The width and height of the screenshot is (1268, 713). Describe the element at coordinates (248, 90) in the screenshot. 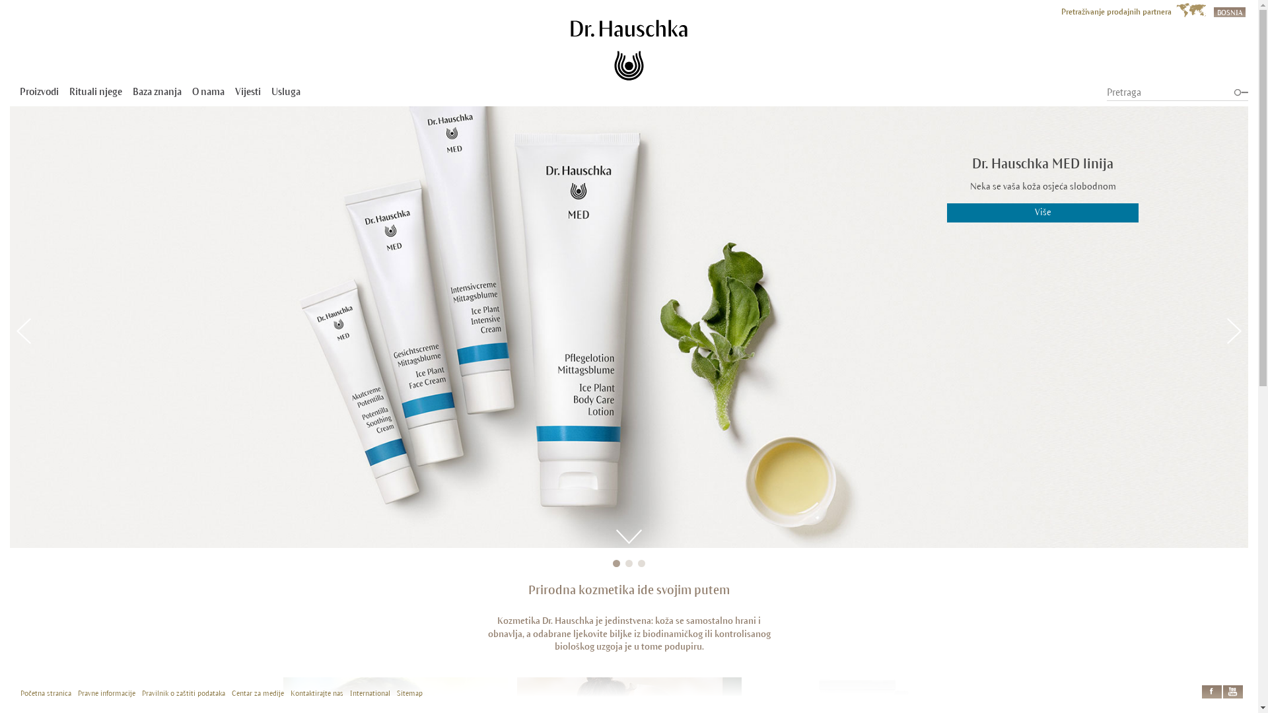

I see `'Vijesti'` at that location.